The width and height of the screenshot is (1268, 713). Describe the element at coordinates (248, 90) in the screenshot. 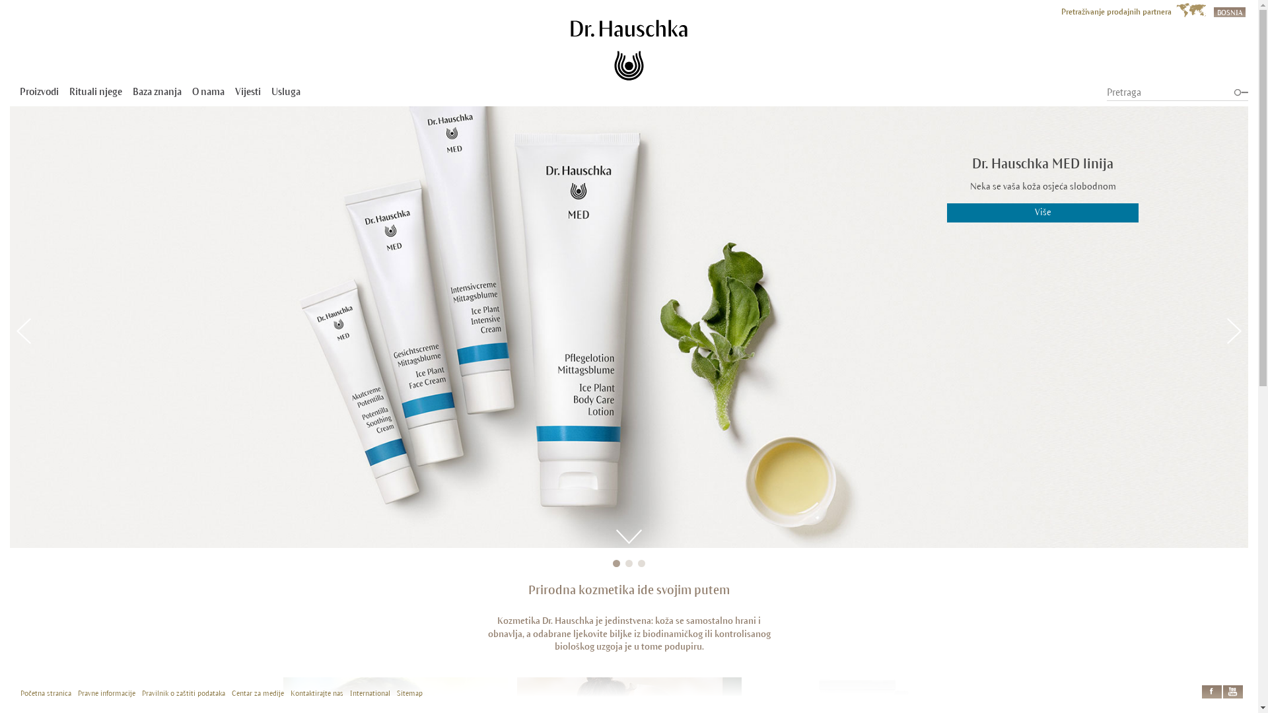

I see `'Vijesti'` at that location.